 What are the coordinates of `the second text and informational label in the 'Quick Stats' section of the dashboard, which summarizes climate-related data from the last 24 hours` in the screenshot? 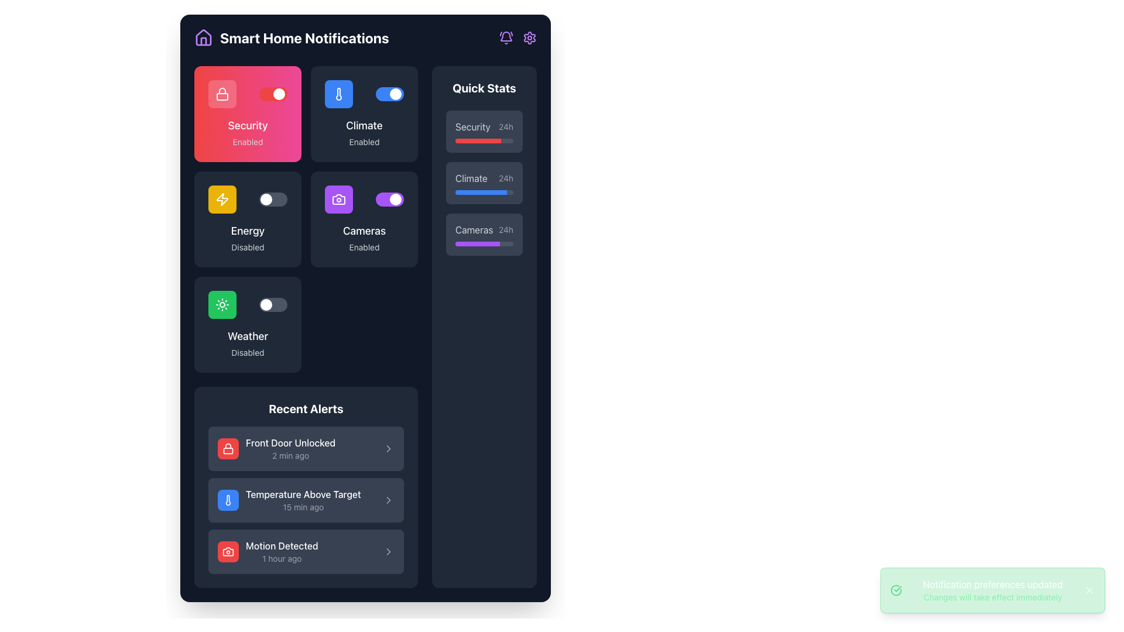 It's located at (484, 178).